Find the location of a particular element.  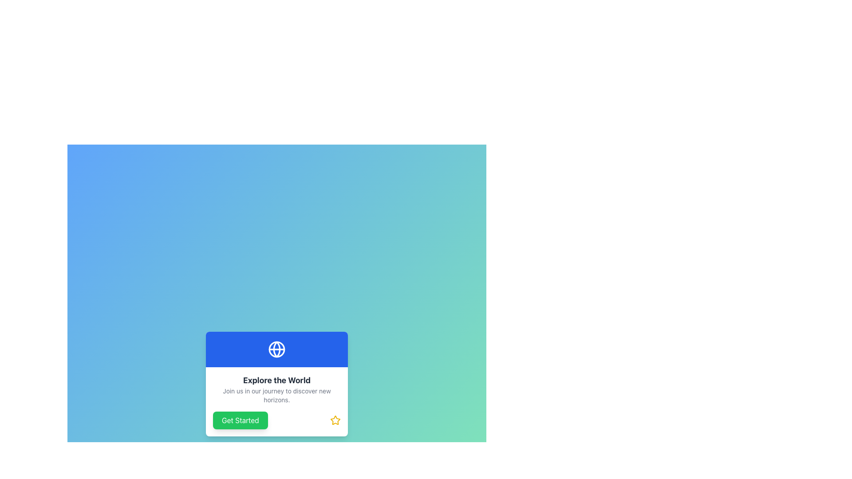

the decorative logo icon located in the blue header section of the card interface, which is positioned above the title text 'Explore the World' is located at coordinates (276, 349).